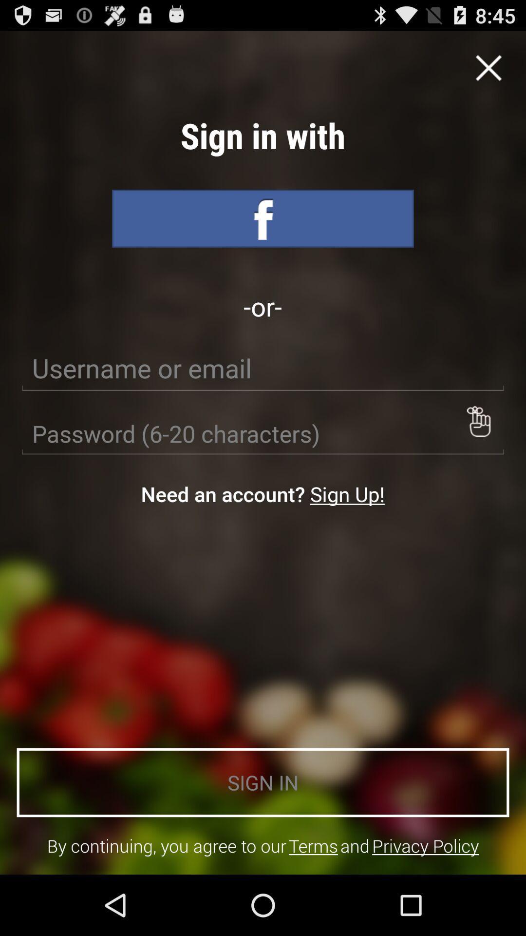 The image size is (526, 936). What do you see at coordinates (313, 845) in the screenshot?
I see `the terms icon` at bounding box center [313, 845].